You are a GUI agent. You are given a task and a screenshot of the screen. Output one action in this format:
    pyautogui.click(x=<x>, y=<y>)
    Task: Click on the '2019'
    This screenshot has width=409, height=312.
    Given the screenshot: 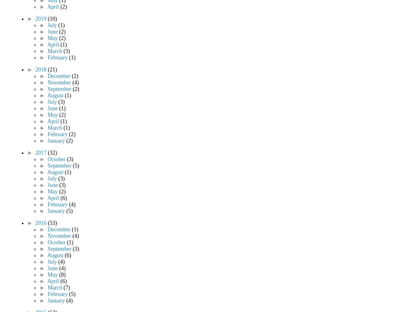 What is the action you would take?
    pyautogui.click(x=41, y=18)
    